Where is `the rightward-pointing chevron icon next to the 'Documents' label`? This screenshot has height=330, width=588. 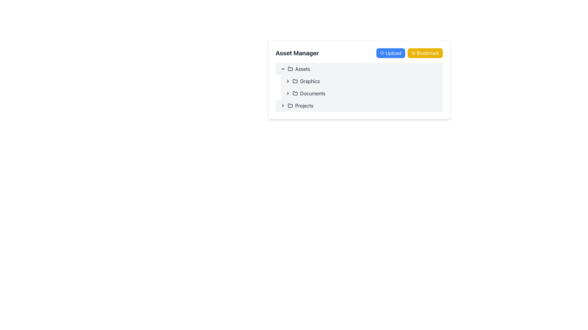 the rightward-pointing chevron icon next to the 'Documents' label is located at coordinates (288, 93).